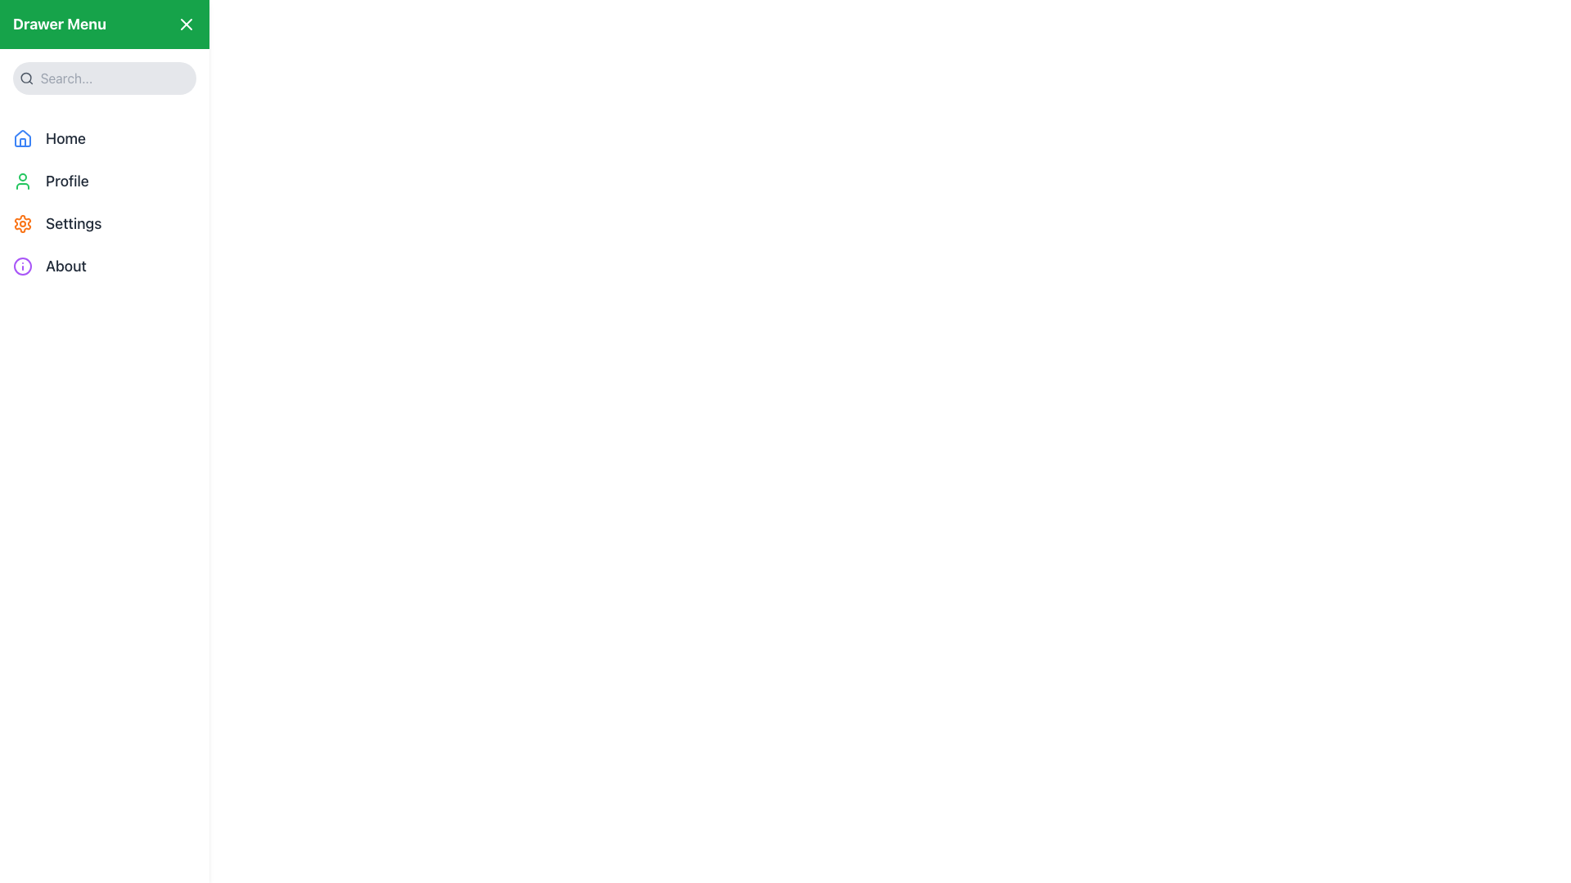 The width and height of the screenshot is (1571, 883). I want to click on the user profile icon located to the left of the 'Profile' text label in the vertical menu, so click(23, 182).